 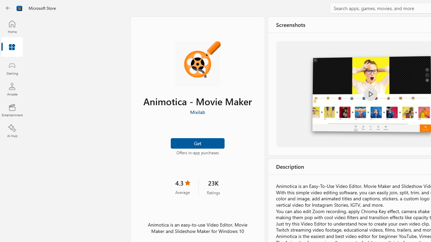 I want to click on 'Arcade', so click(x=12, y=89).